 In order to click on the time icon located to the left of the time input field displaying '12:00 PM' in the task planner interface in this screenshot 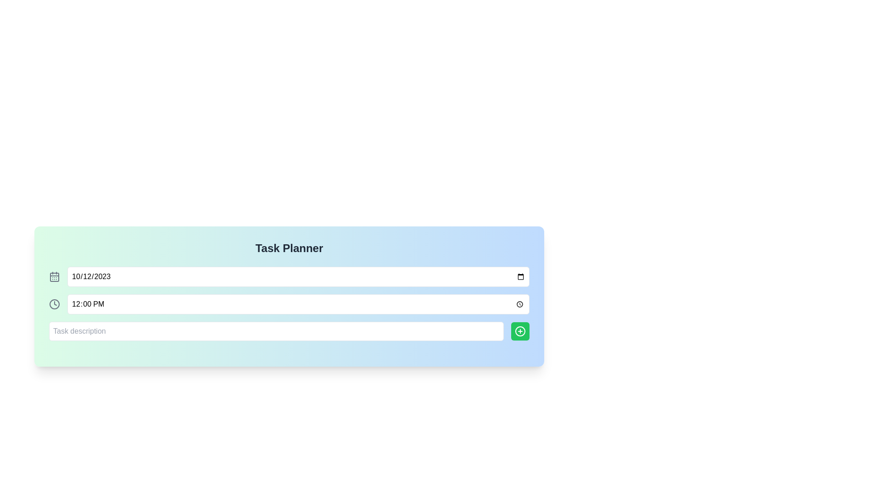, I will do `click(54, 304)`.